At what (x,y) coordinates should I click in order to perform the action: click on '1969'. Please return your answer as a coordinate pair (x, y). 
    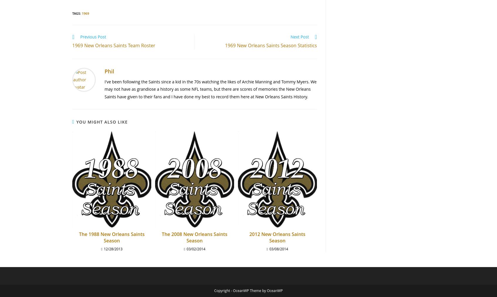
    Looking at the image, I should click on (81, 13).